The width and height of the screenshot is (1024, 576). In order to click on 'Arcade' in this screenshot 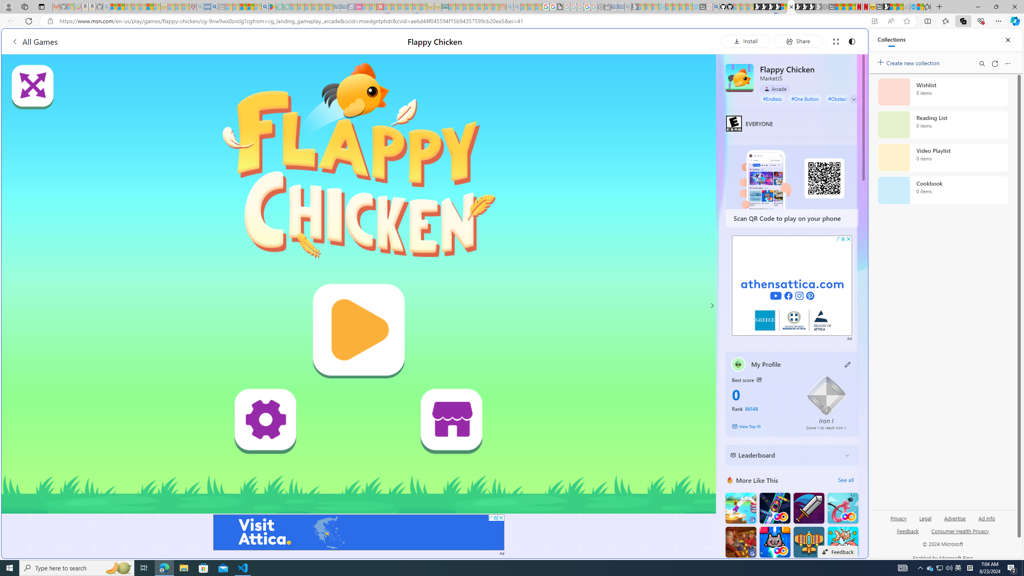, I will do `click(774, 88)`.